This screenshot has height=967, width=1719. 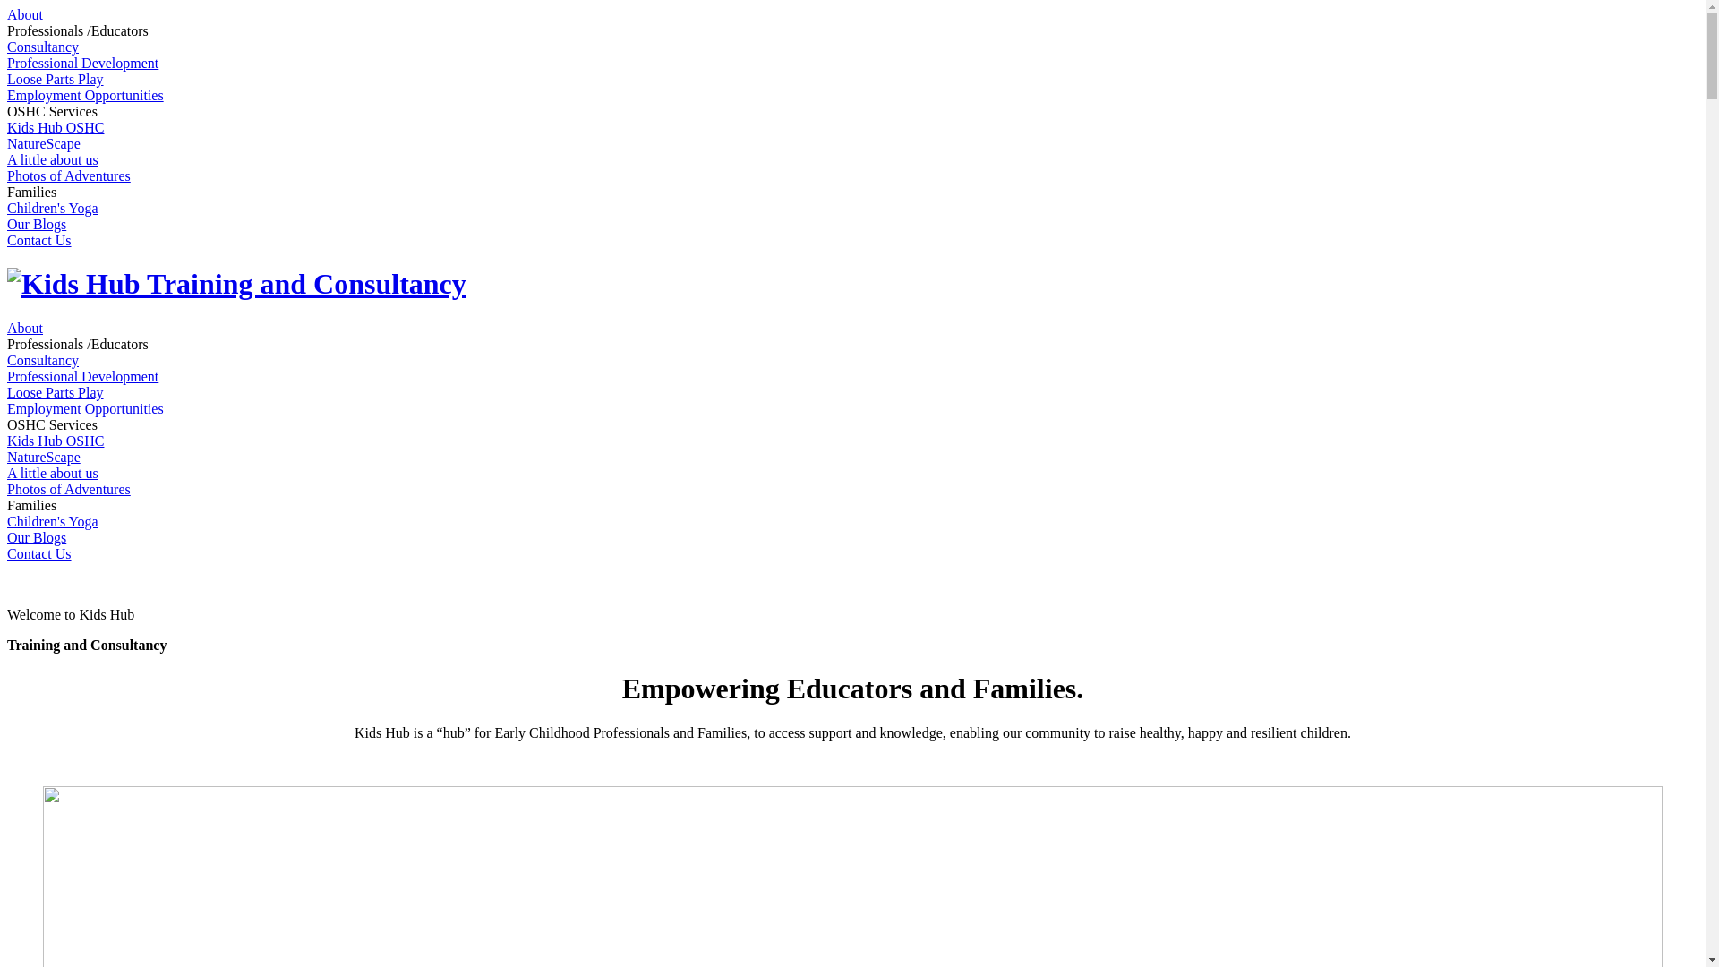 I want to click on 'A little about us', so click(x=52, y=158).